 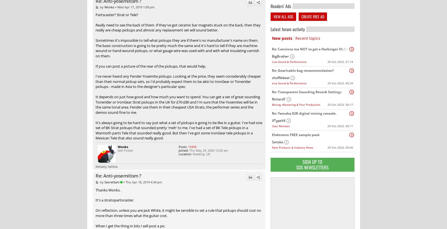 I want to click on 'Re: Convince me NOT to get a Harbinger MLS1000 line array for our first PA...', so click(x=271, y=49).